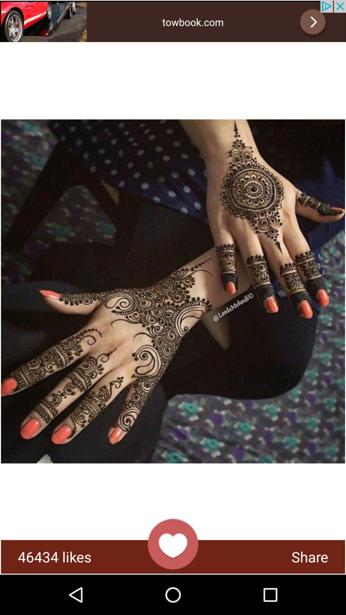  Describe the element at coordinates (173, 21) in the screenshot. I see `open advertisement` at that location.